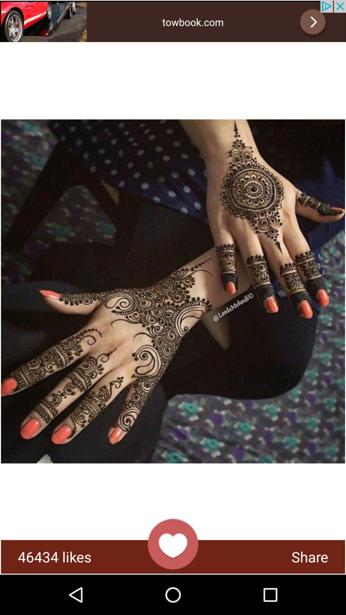  Describe the element at coordinates (173, 21) in the screenshot. I see `open advertisement` at that location.